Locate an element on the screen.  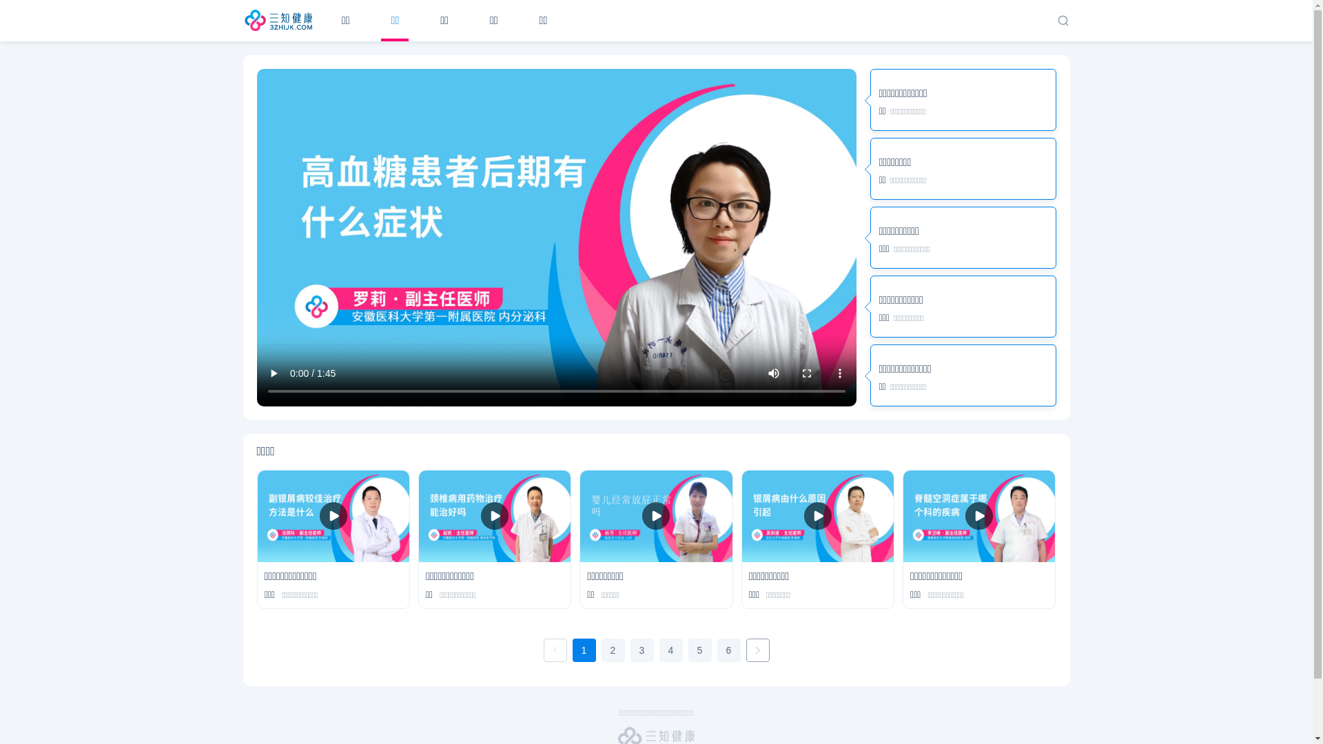
'6' is located at coordinates (717, 650).